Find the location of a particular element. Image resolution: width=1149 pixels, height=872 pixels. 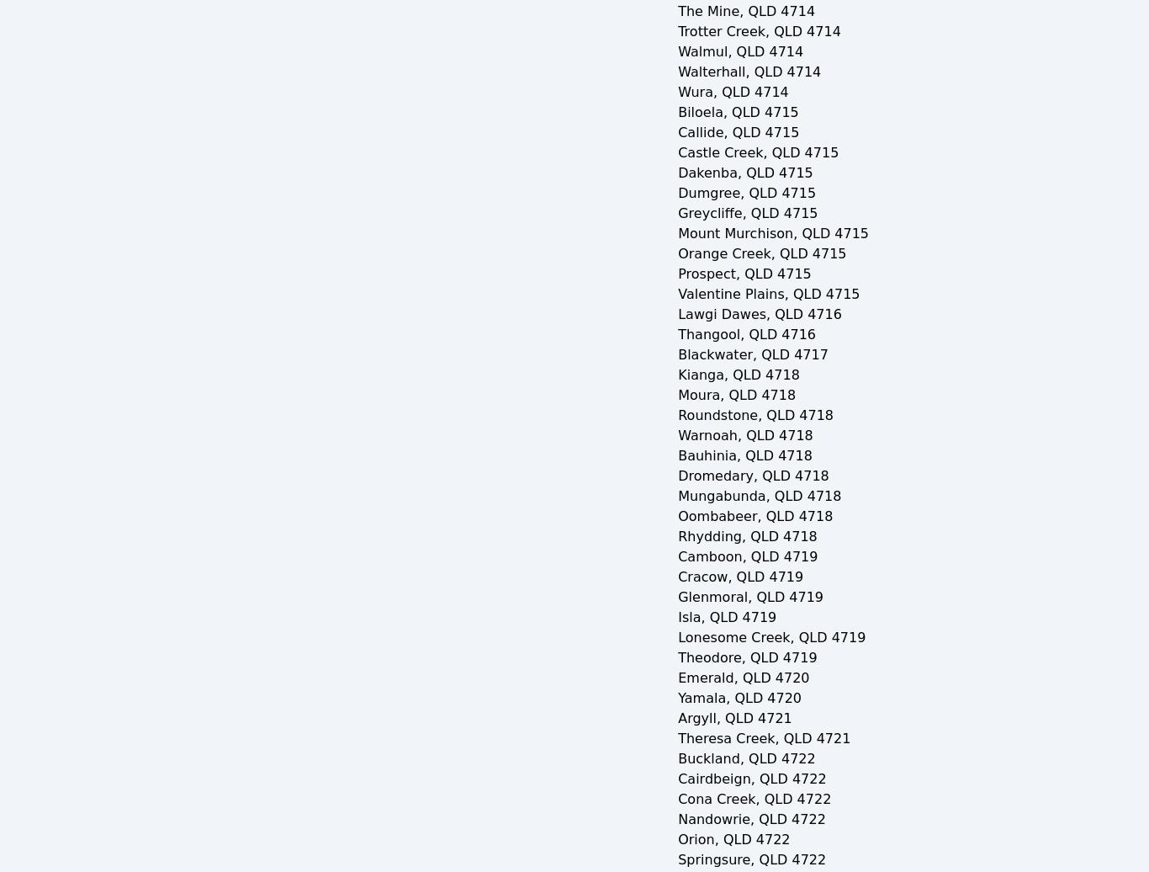

'Thangool, QLD 4716' is located at coordinates (746, 334).